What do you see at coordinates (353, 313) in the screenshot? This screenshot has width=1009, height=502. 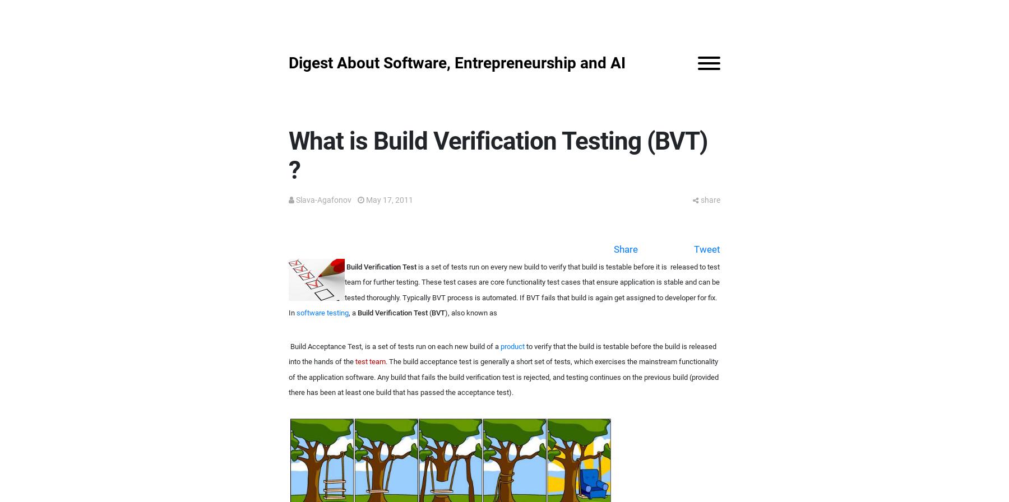 I see `', a'` at bounding box center [353, 313].